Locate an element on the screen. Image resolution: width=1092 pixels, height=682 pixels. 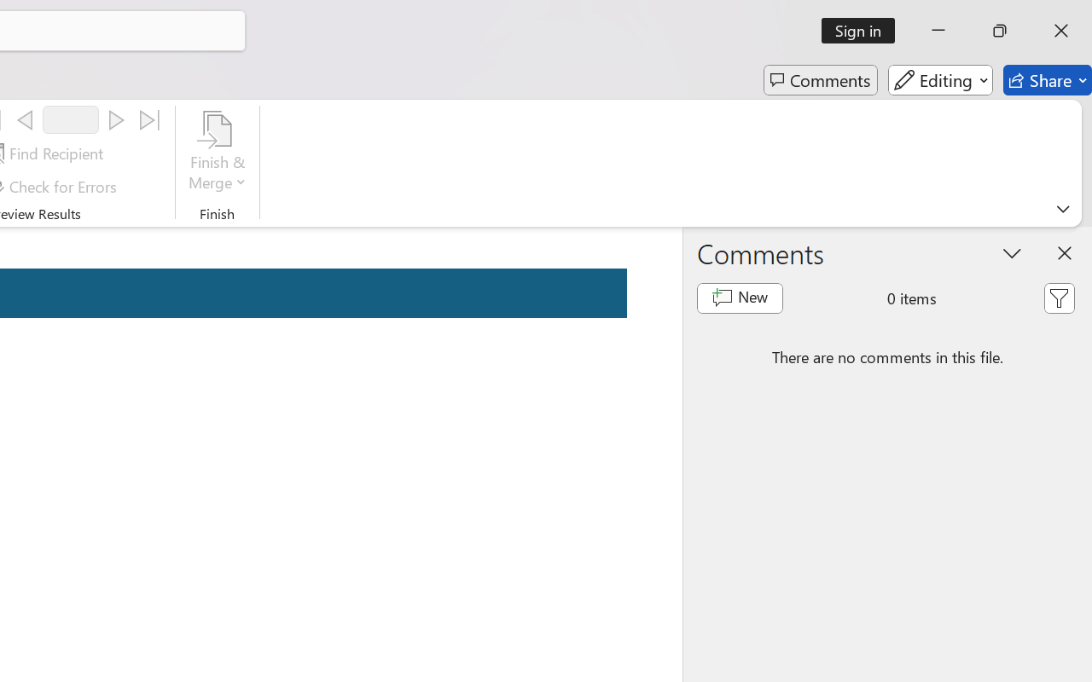
'Last' is located at coordinates (150, 120).